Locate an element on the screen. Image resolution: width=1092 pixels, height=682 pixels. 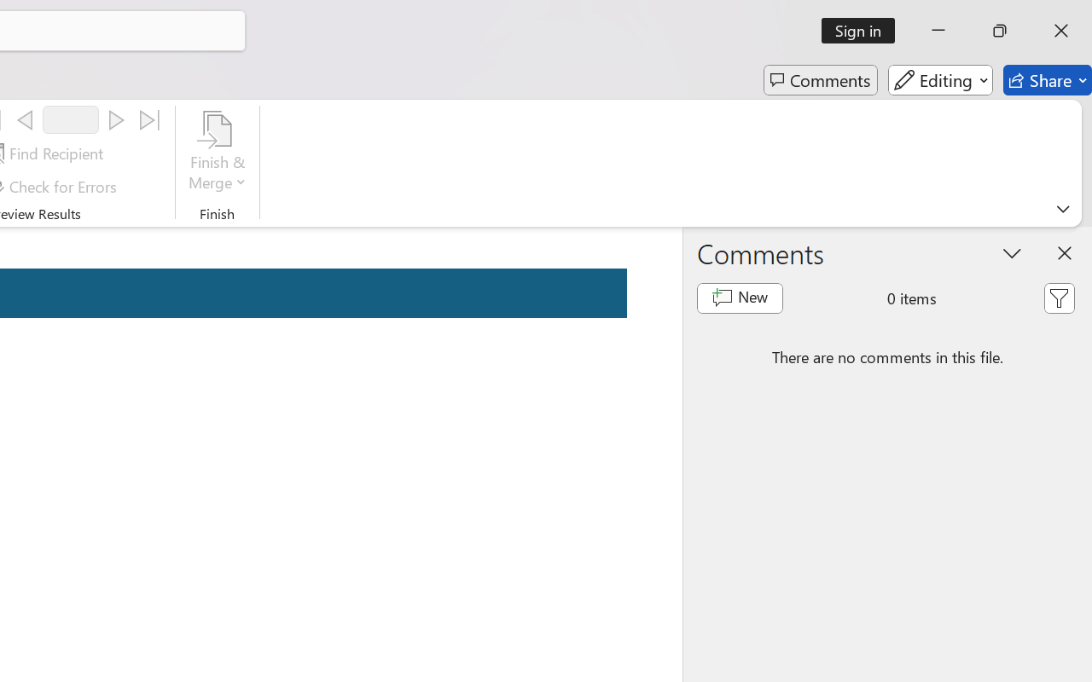
'Last' is located at coordinates (150, 120).